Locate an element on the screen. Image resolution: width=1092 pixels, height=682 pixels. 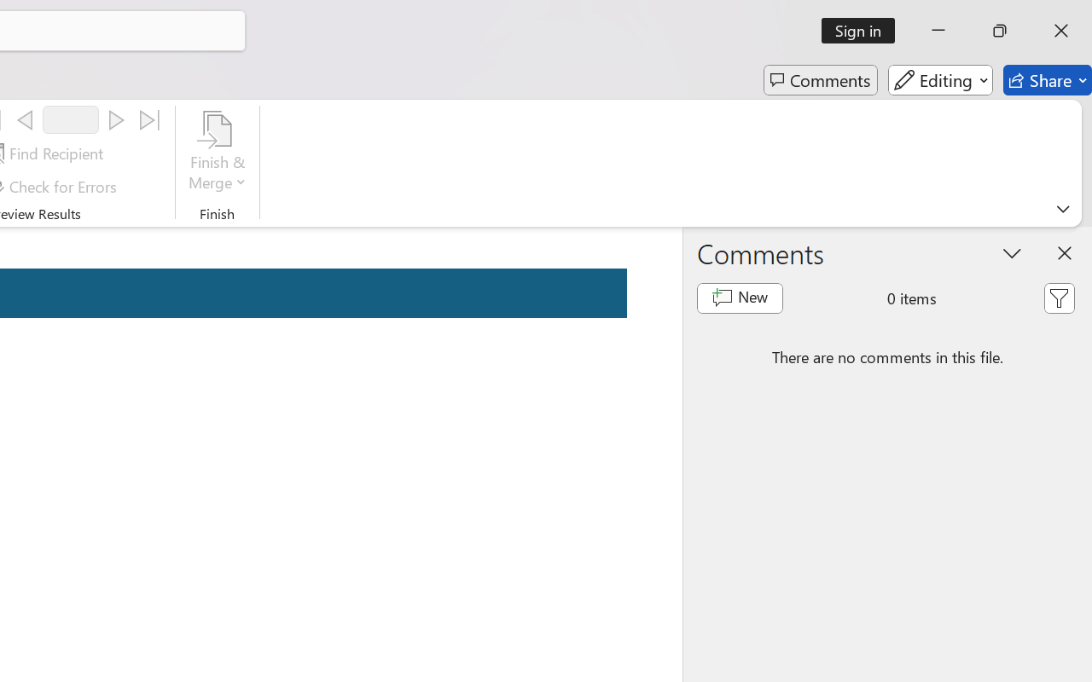
'Last' is located at coordinates (150, 120).